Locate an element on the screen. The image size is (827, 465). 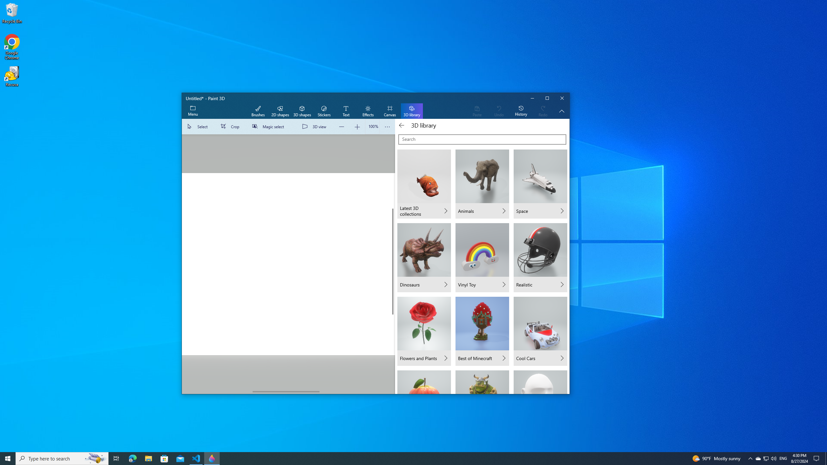
'Brushes' is located at coordinates (258, 111).